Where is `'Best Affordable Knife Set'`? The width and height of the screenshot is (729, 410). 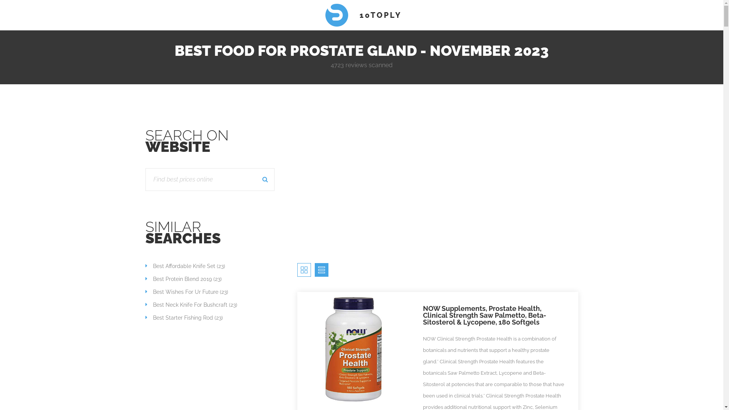
'Best Affordable Knife Set' is located at coordinates (145, 266).